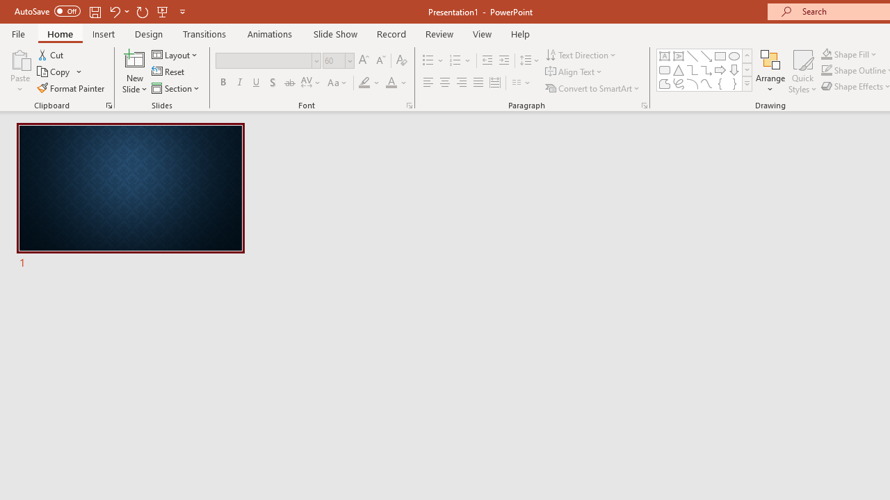 The width and height of the screenshot is (890, 500). What do you see at coordinates (289, 83) in the screenshot?
I see `'Strikethrough'` at bounding box center [289, 83].